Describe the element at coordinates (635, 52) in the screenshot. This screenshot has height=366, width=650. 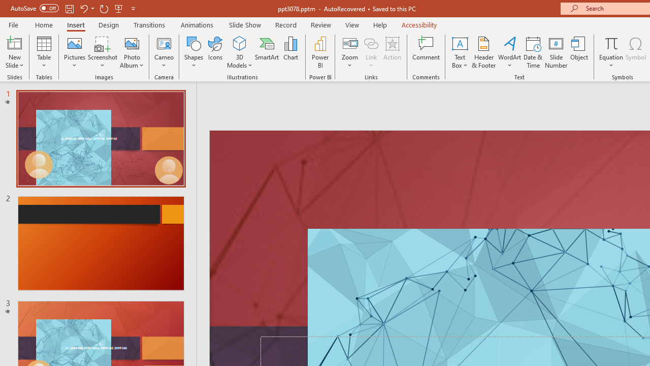
I see `'Symbol...'` at that location.